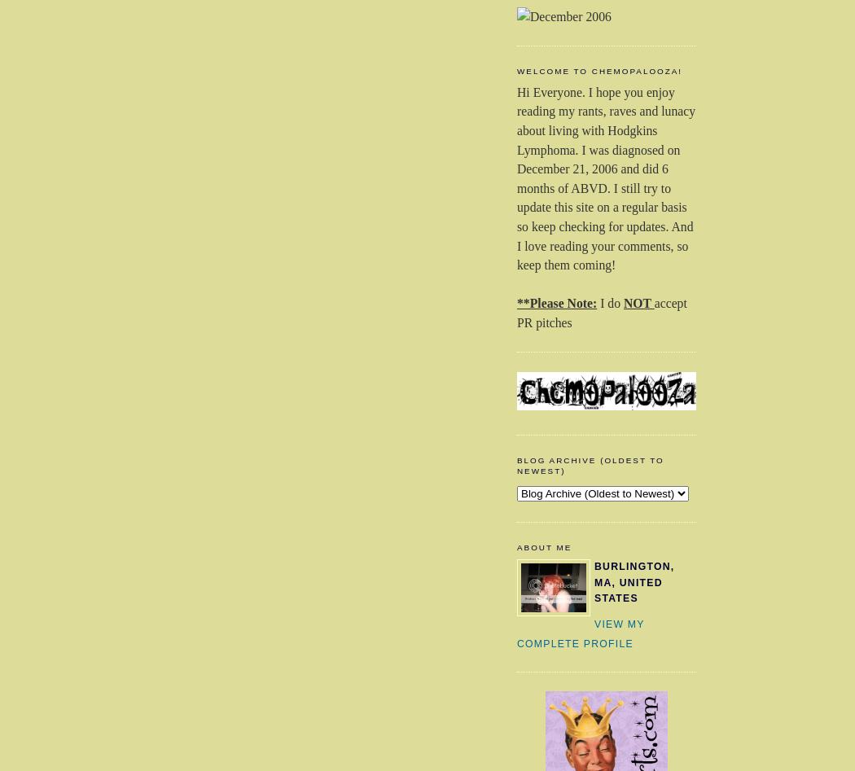 The height and width of the screenshot is (771, 855). Describe the element at coordinates (517, 633) in the screenshot. I see `'View my complete profile'` at that location.